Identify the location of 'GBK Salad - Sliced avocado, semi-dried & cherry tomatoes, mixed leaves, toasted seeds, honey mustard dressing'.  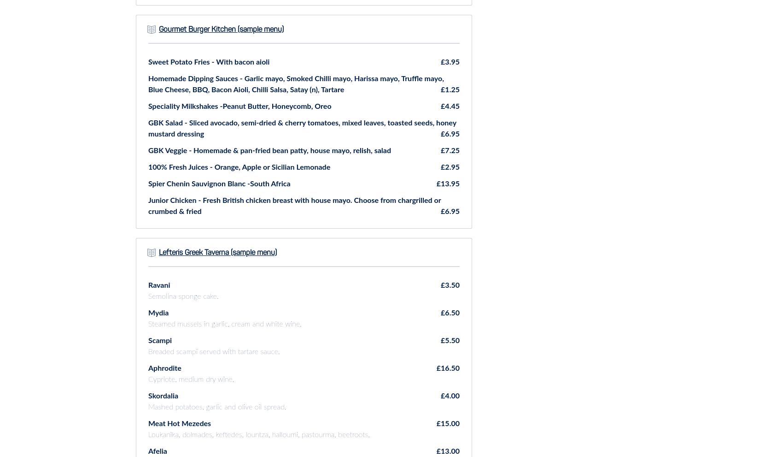
(147, 127).